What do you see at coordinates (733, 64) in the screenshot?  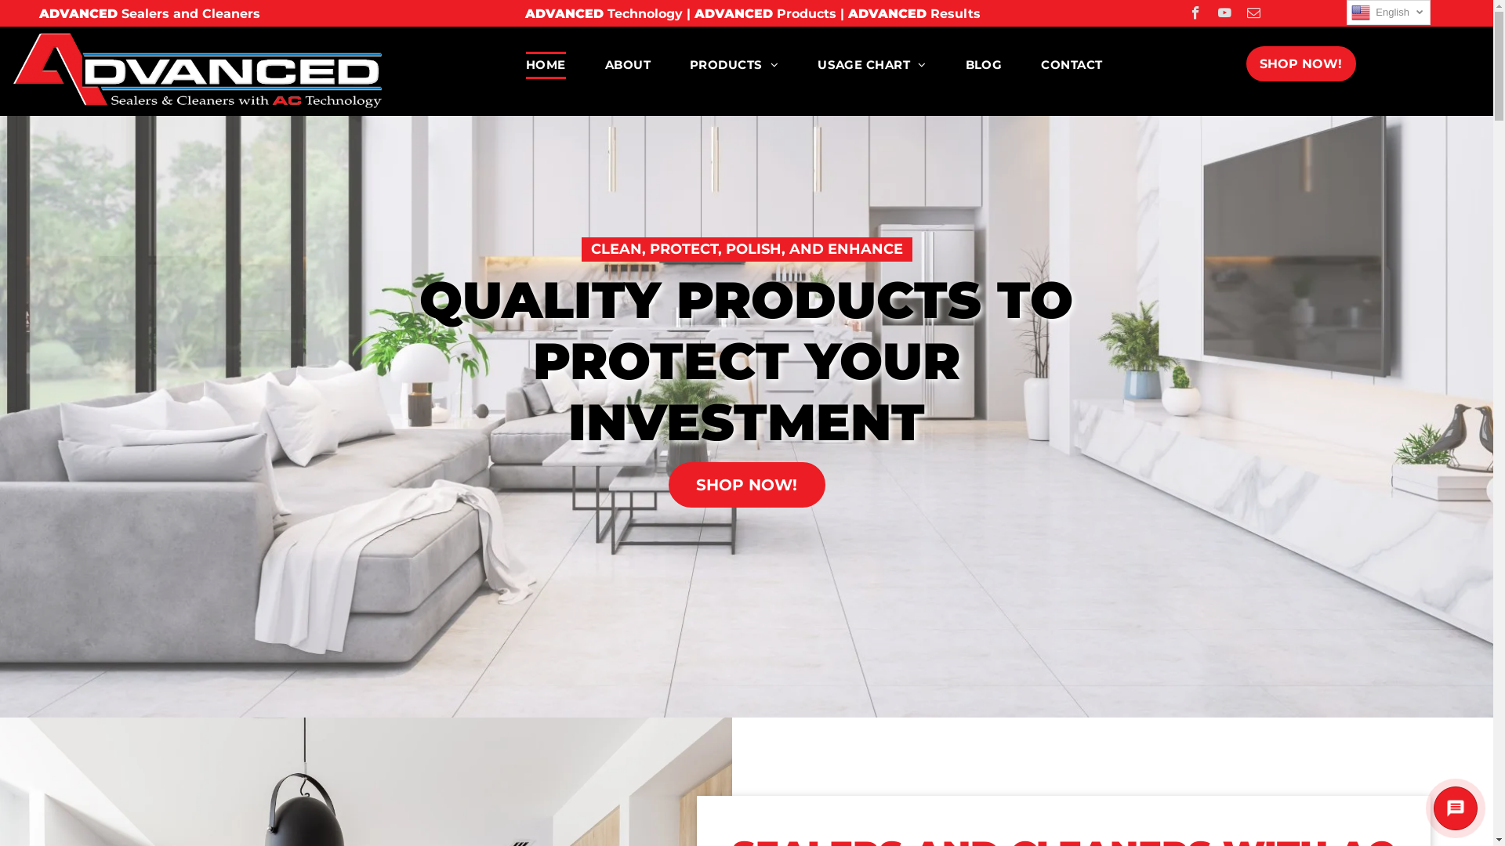 I see `'PRODUCTS'` at bounding box center [733, 64].